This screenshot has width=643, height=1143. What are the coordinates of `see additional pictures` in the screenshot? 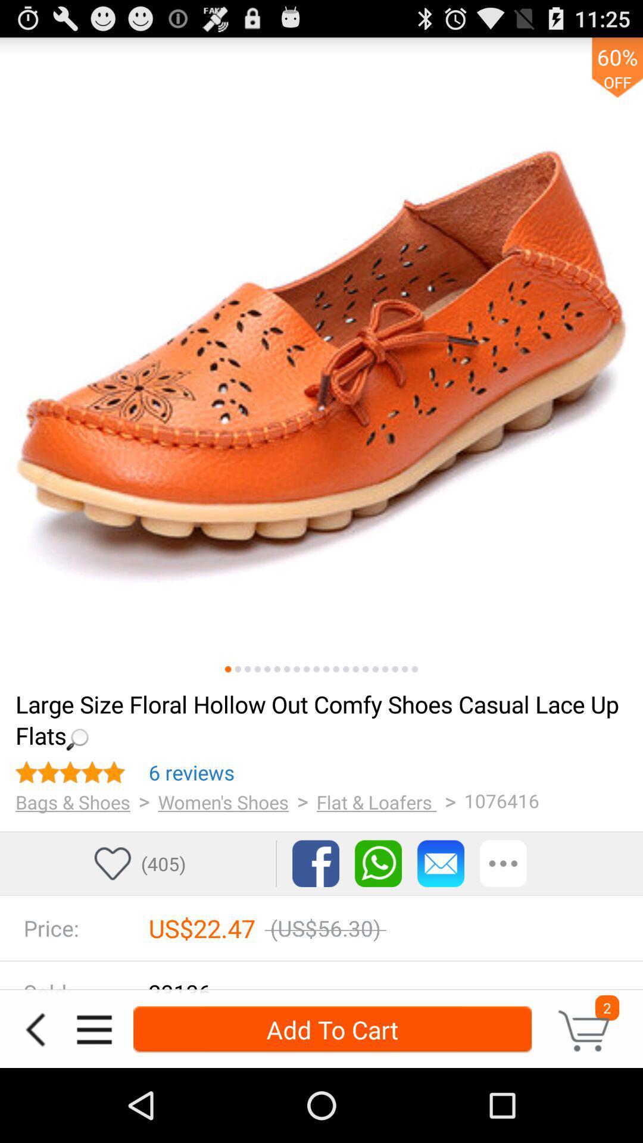 It's located at (296, 669).